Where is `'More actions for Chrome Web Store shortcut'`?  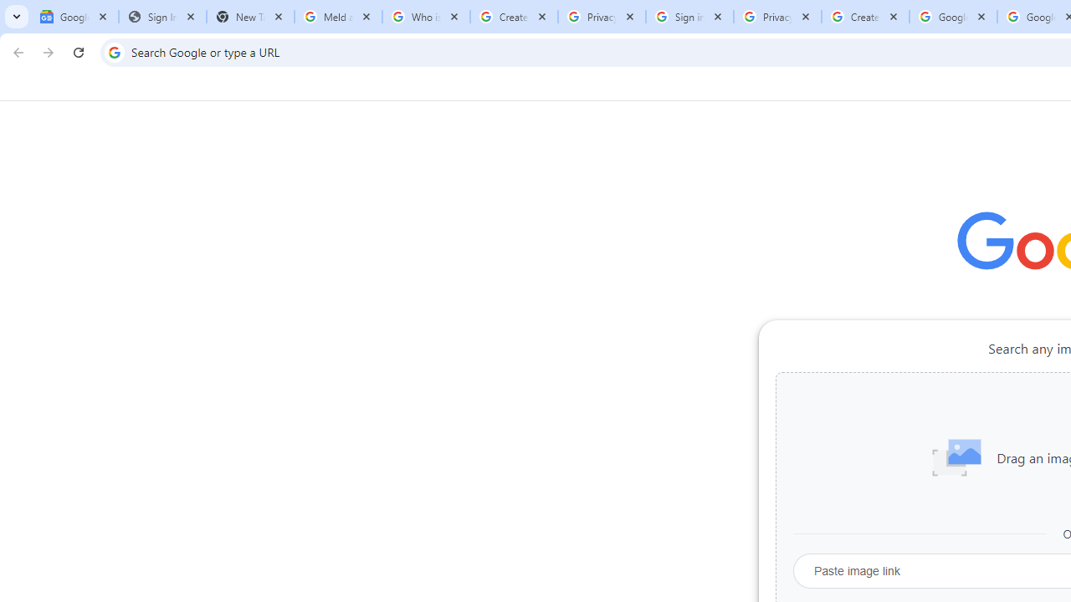
'More actions for Chrome Web Store shortcut' is located at coordinates (1010, 390).